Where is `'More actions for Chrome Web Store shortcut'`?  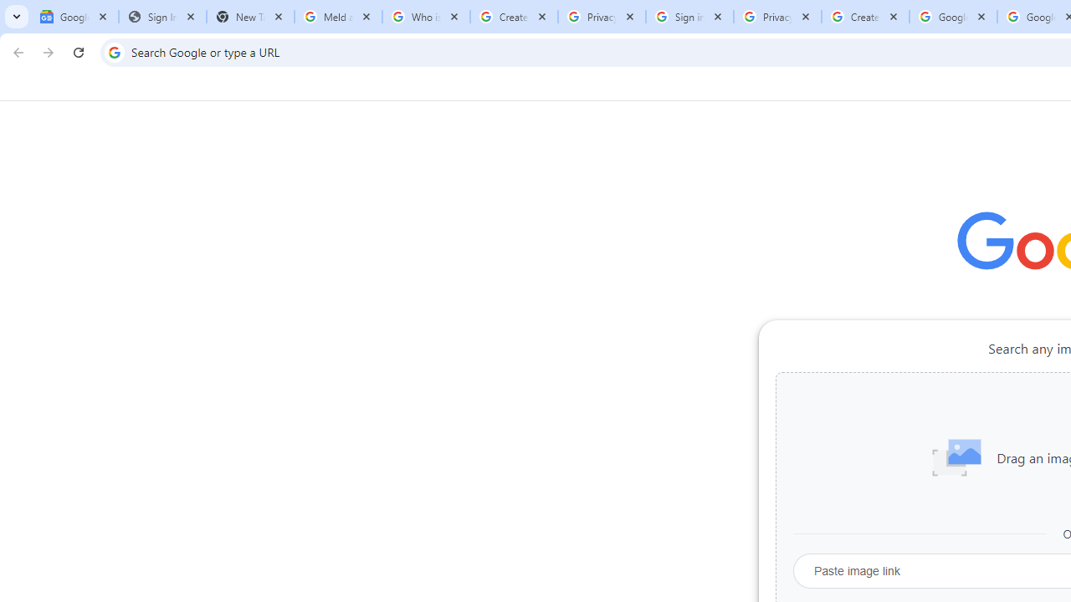
'More actions for Chrome Web Store shortcut' is located at coordinates (1010, 390).